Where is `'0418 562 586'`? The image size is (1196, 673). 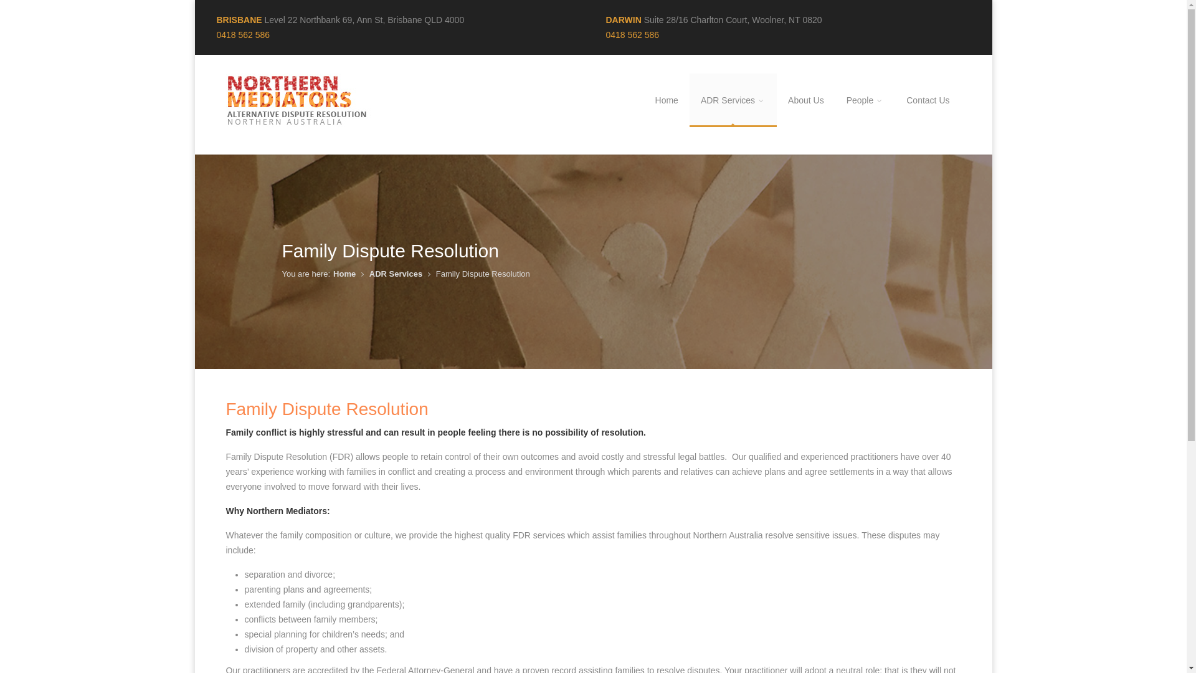 '0418 562 586' is located at coordinates (632, 34).